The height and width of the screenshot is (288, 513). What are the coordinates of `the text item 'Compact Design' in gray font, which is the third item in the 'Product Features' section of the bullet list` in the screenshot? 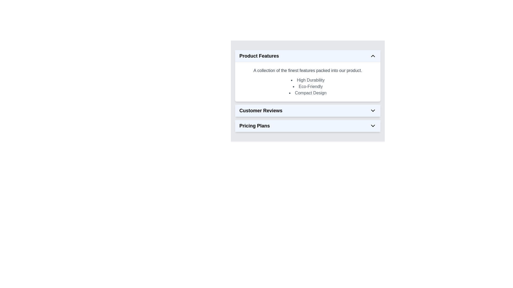 It's located at (308, 93).